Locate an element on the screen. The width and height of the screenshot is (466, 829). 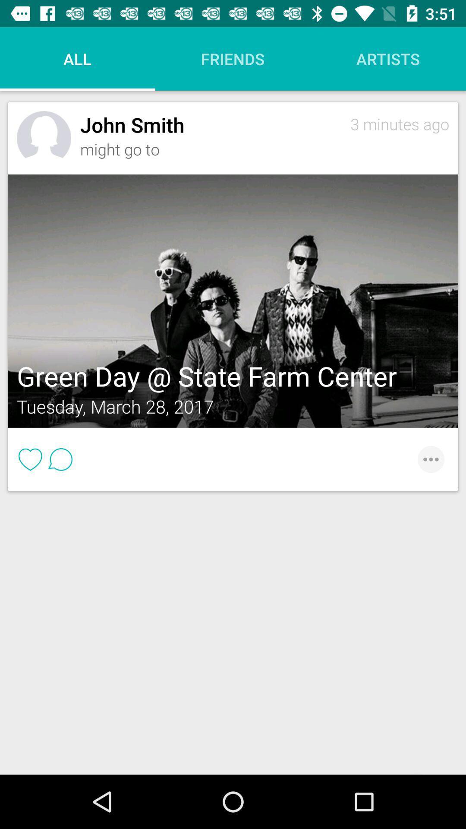
image on page is located at coordinates (233, 301).